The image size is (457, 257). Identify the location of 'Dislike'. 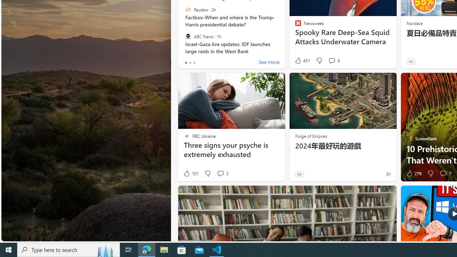
(430, 173).